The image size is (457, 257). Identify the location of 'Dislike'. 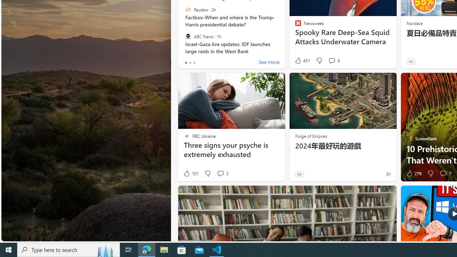
(430, 173).